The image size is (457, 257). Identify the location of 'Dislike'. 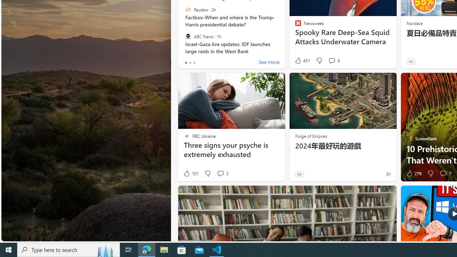
(430, 173).